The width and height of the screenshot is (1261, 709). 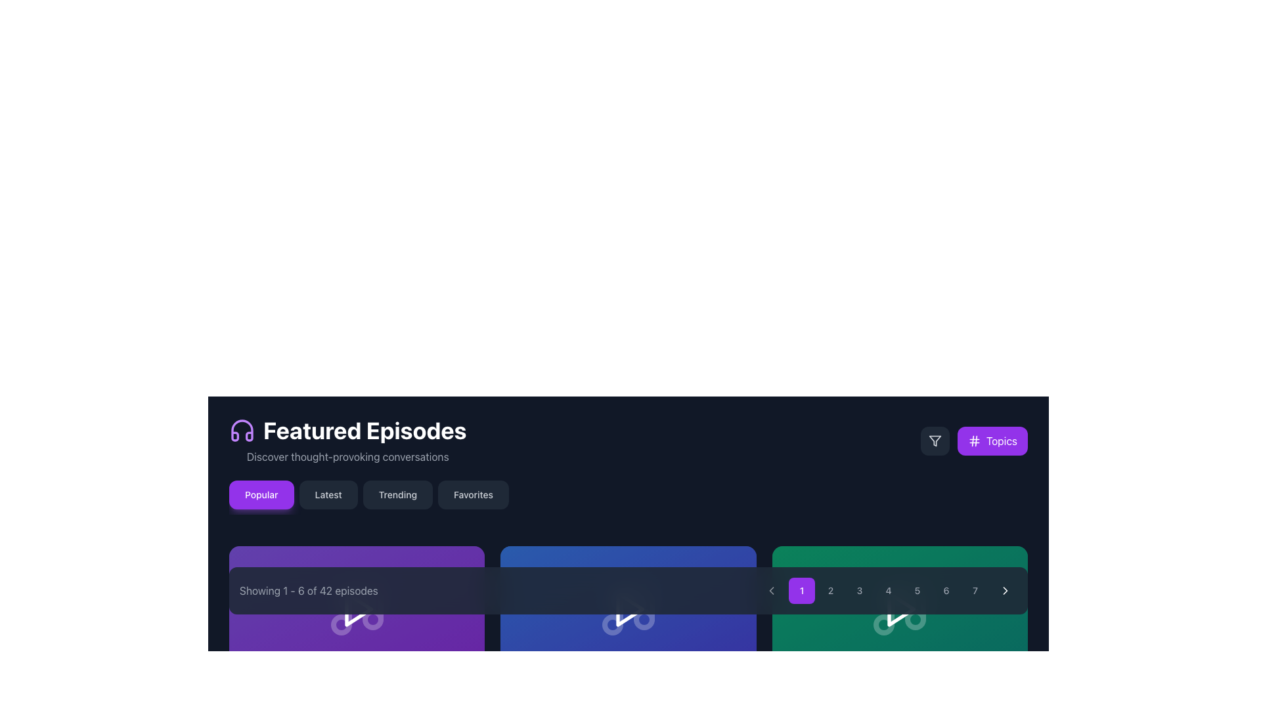 I want to click on the small circular SVG element located in the lower right quadrant of the musical note icon, so click(x=372, y=620).